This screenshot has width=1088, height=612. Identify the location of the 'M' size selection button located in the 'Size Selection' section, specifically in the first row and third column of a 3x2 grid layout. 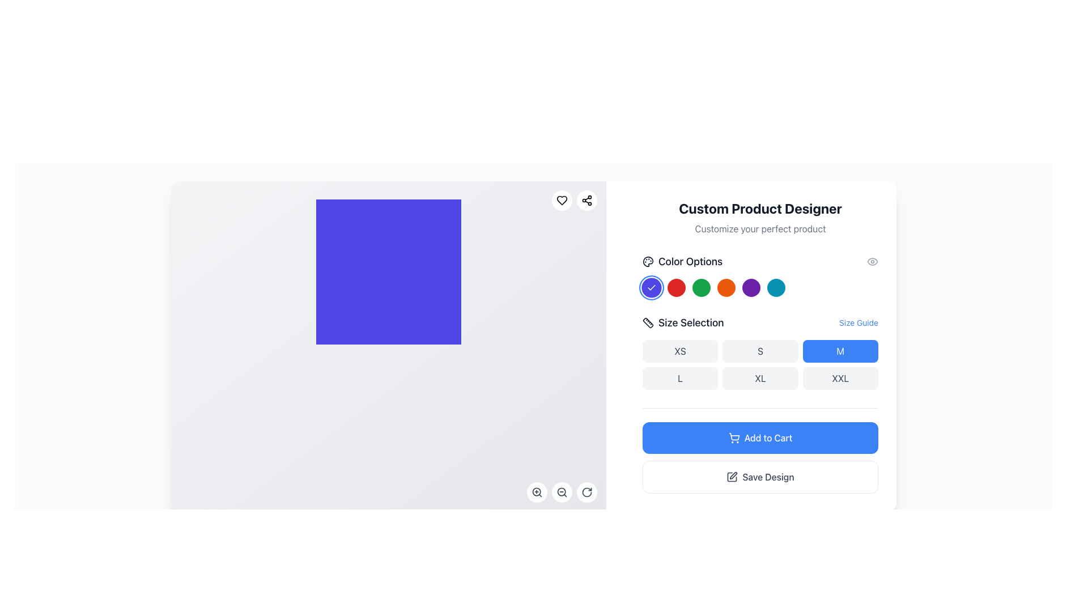
(840, 351).